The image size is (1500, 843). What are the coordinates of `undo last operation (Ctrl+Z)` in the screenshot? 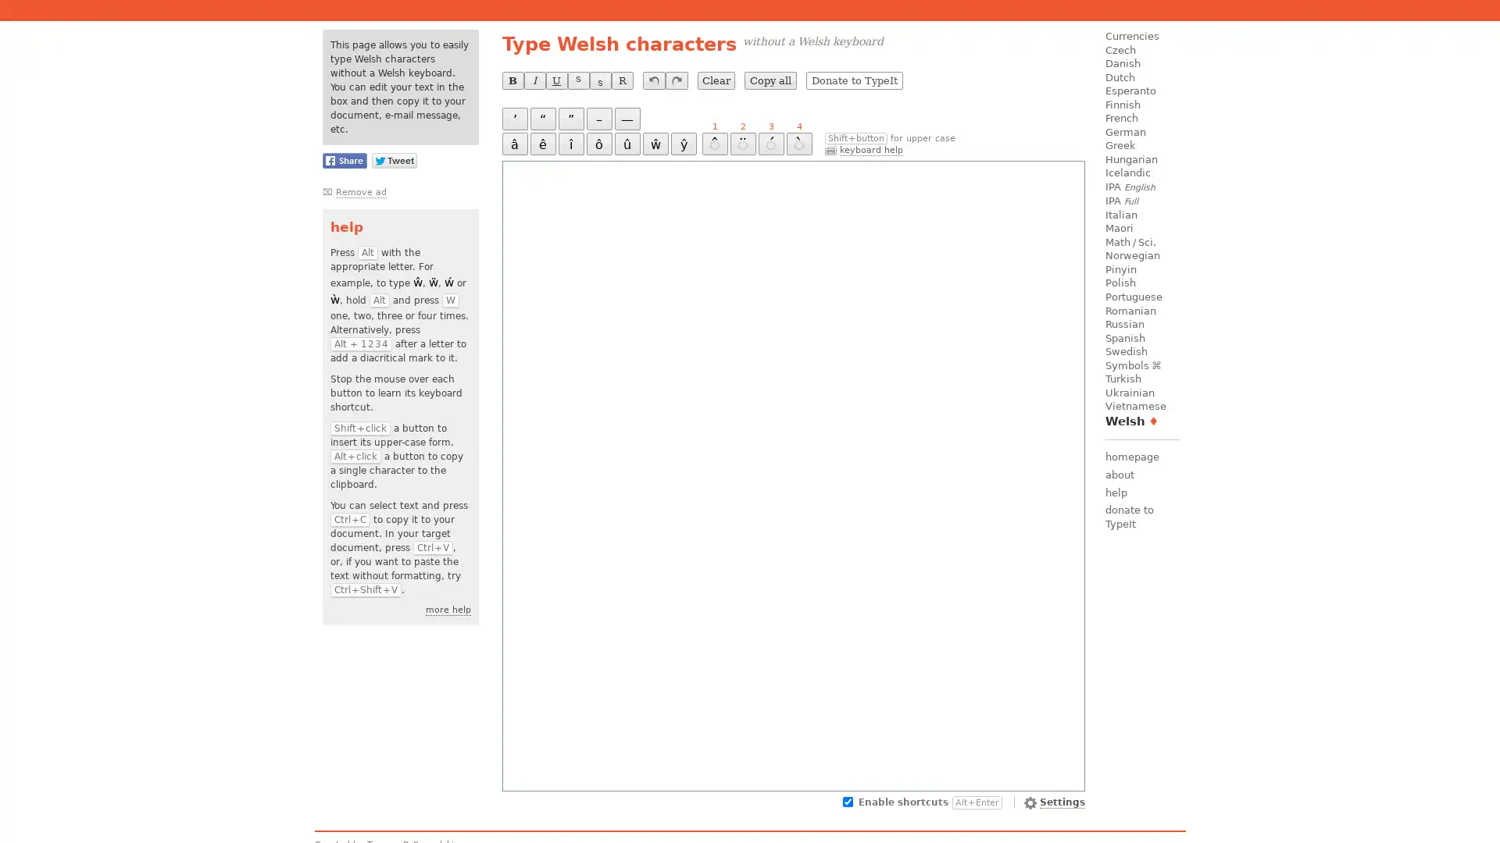 It's located at (653, 80).